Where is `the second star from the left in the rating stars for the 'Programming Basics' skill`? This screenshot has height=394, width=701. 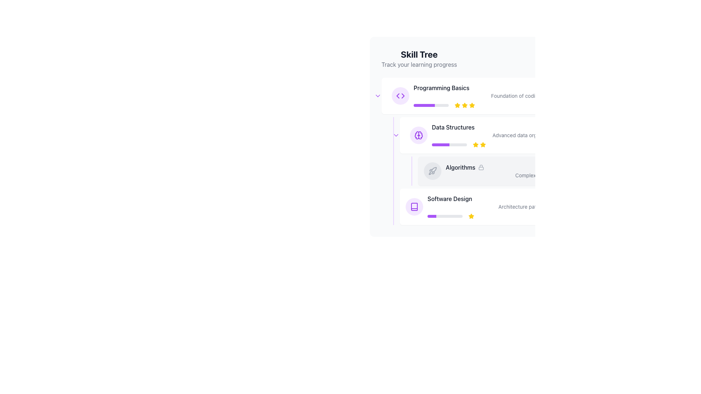 the second star from the left in the rating stars for the 'Programming Basics' skill is located at coordinates (464, 105).